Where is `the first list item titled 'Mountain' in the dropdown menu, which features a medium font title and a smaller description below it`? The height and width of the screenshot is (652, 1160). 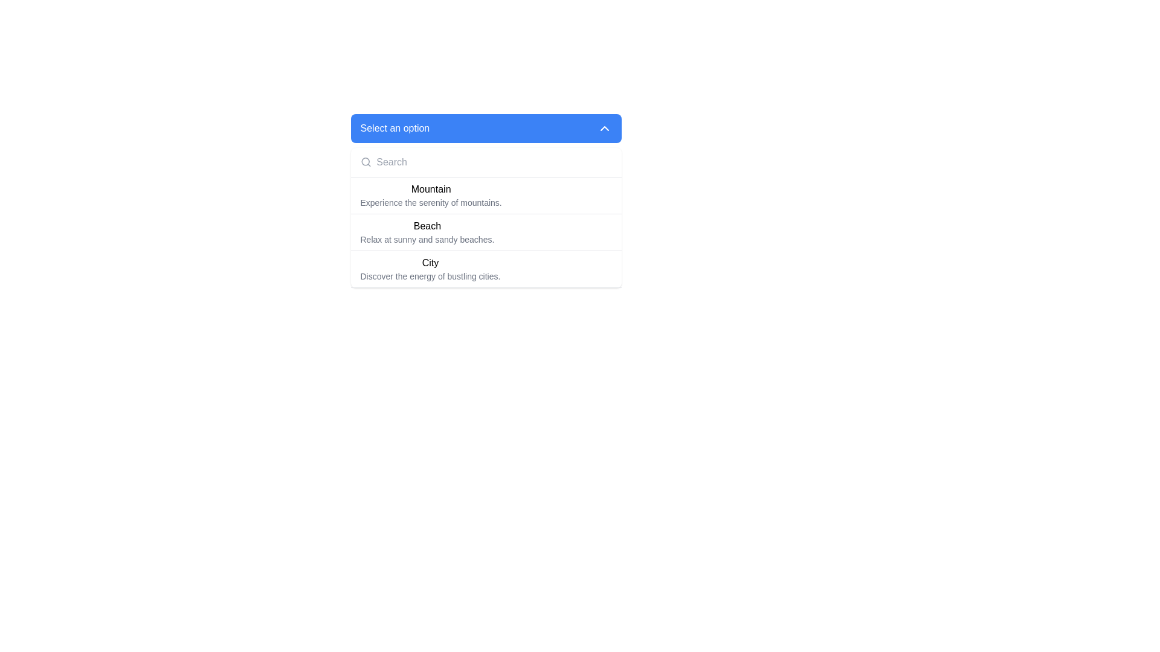
the first list item titled 'Mountain' in the dropdown menu, which features a medium font title and a smaller description below it is located at coordinates (486, 195).